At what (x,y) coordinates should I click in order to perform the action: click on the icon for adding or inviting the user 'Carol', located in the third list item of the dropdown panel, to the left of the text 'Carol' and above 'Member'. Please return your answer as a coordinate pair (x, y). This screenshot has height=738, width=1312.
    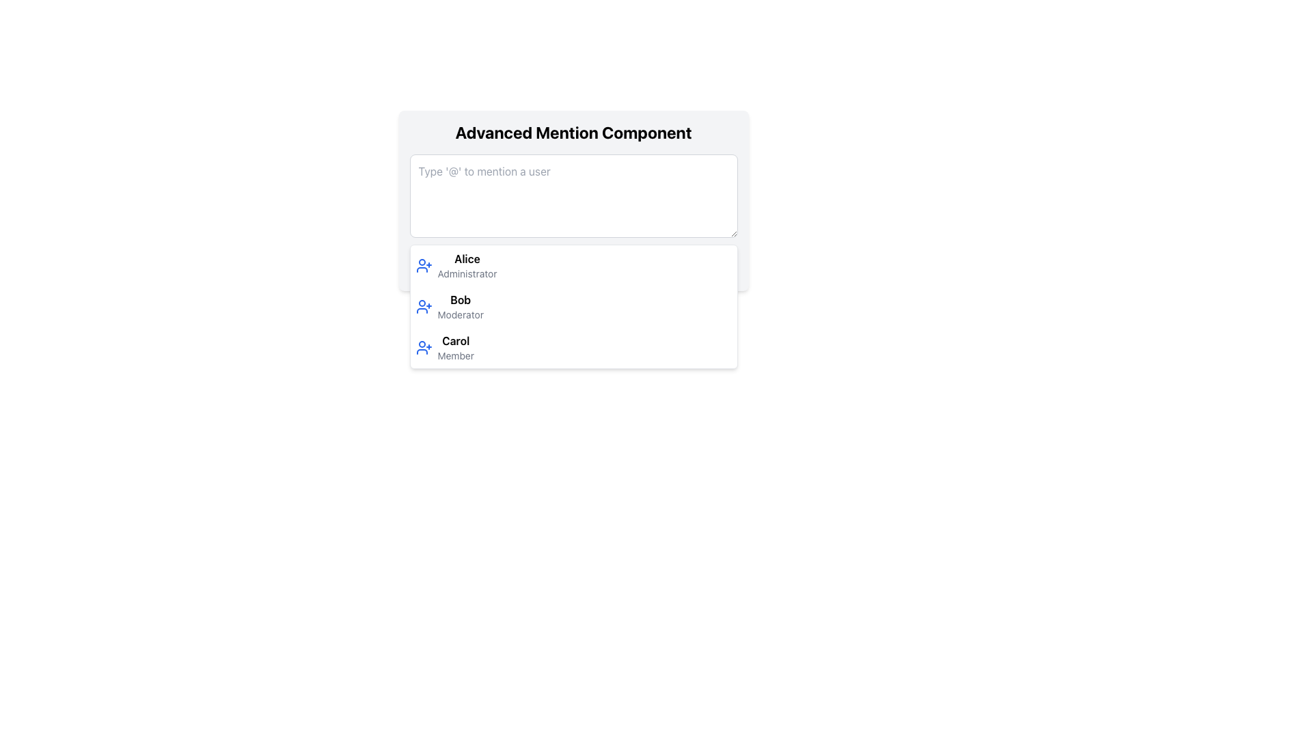
    Looking at the image, I should click on (423, 347).